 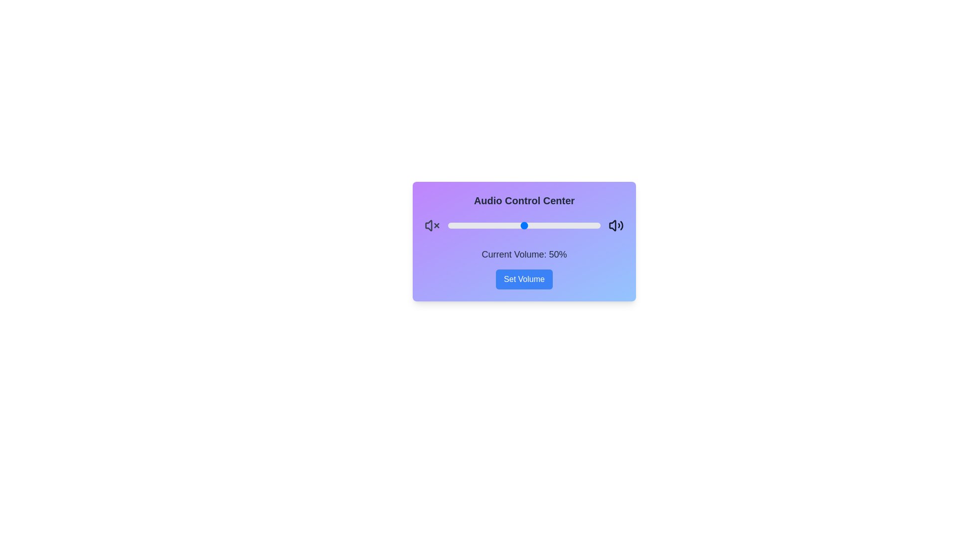 What do you see at coordinates (520, 225) in the screenshot?
I see `the volume slider to set the volume to 48%` at bounding box center [520, 225].